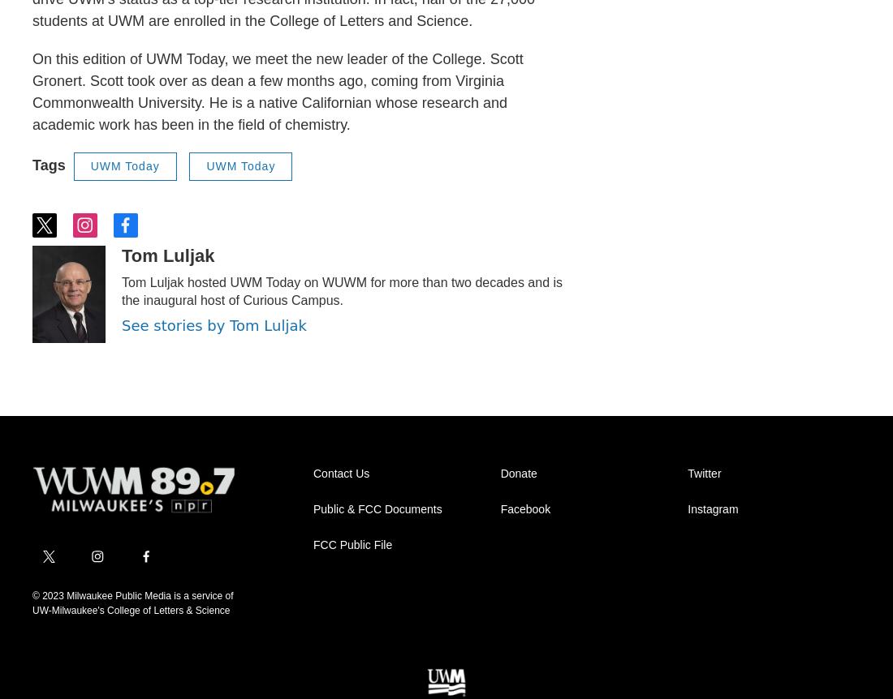  Describe the element at coordinates (47, 165) in the screenshot. I see `'Tags'` at that location.